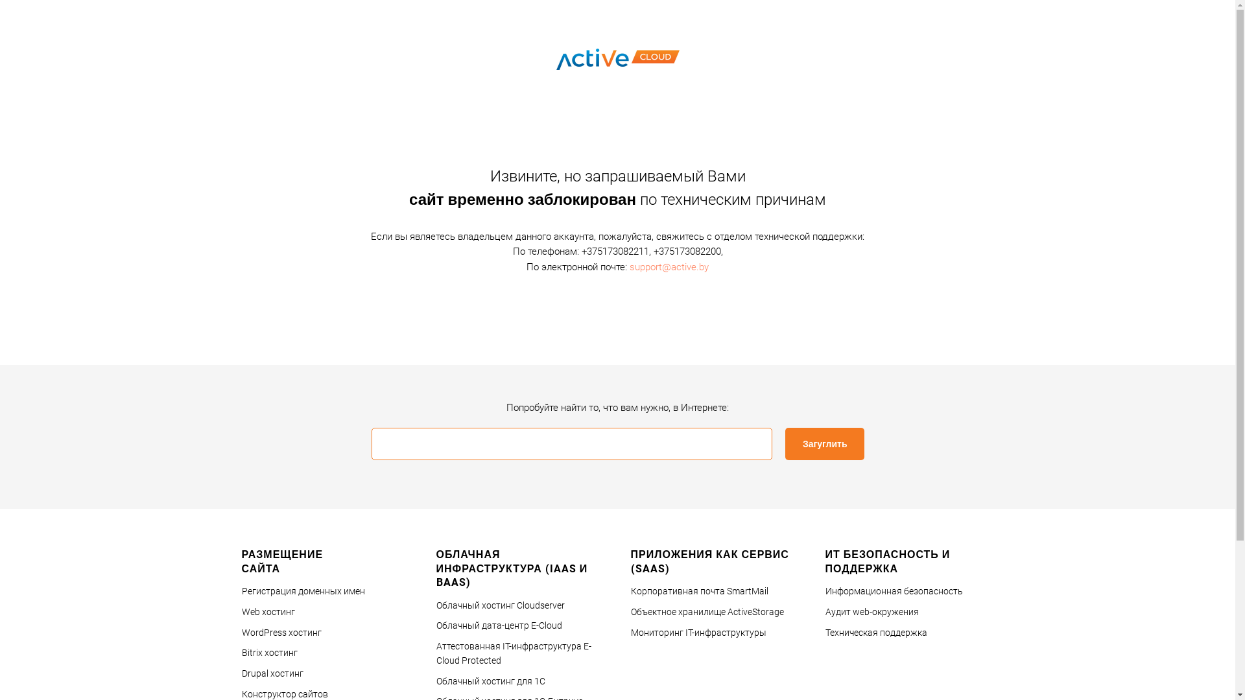 This screenshot has width=1245, height=700. I want to click on '+375173082211', so click(614, 251).